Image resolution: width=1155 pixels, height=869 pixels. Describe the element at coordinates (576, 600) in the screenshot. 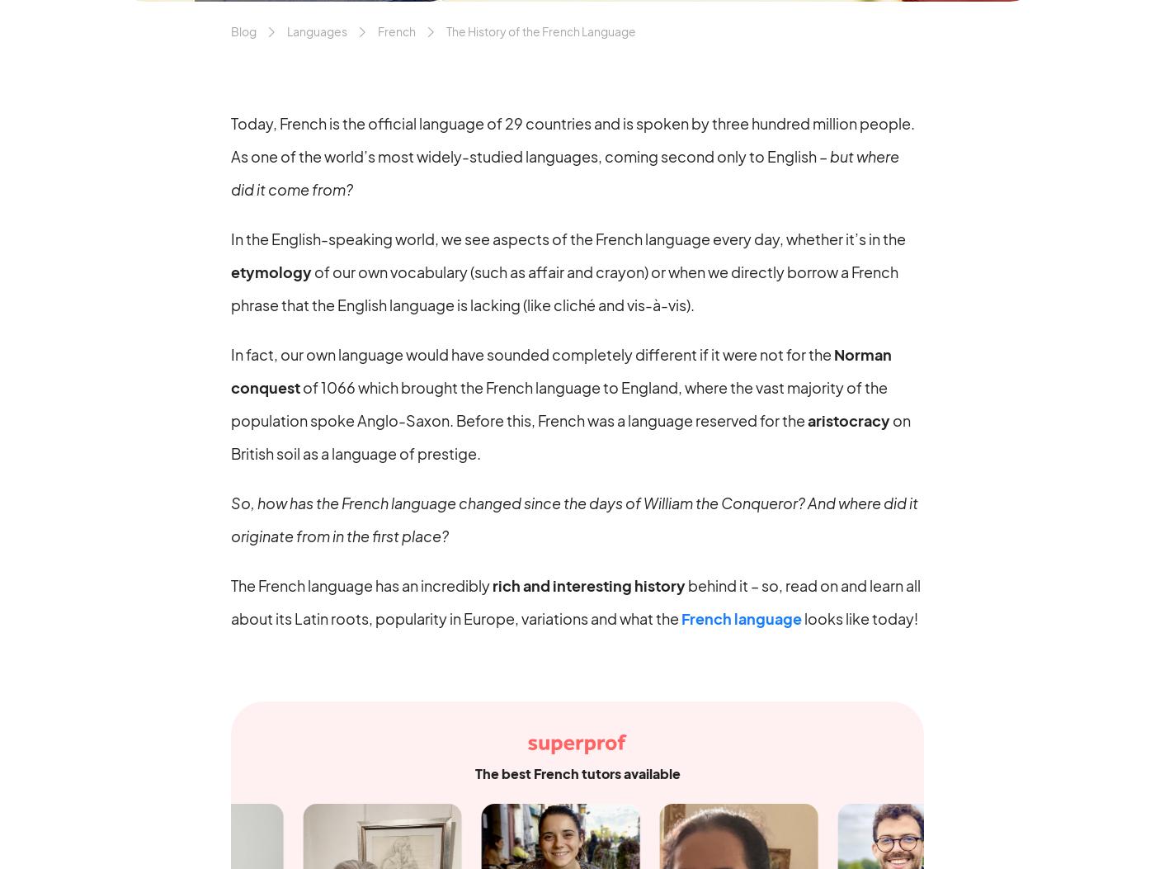

I see `'behind it – so, read on and learn all about its Latin roots, popularity in Europe, variations and what the'` at that location.